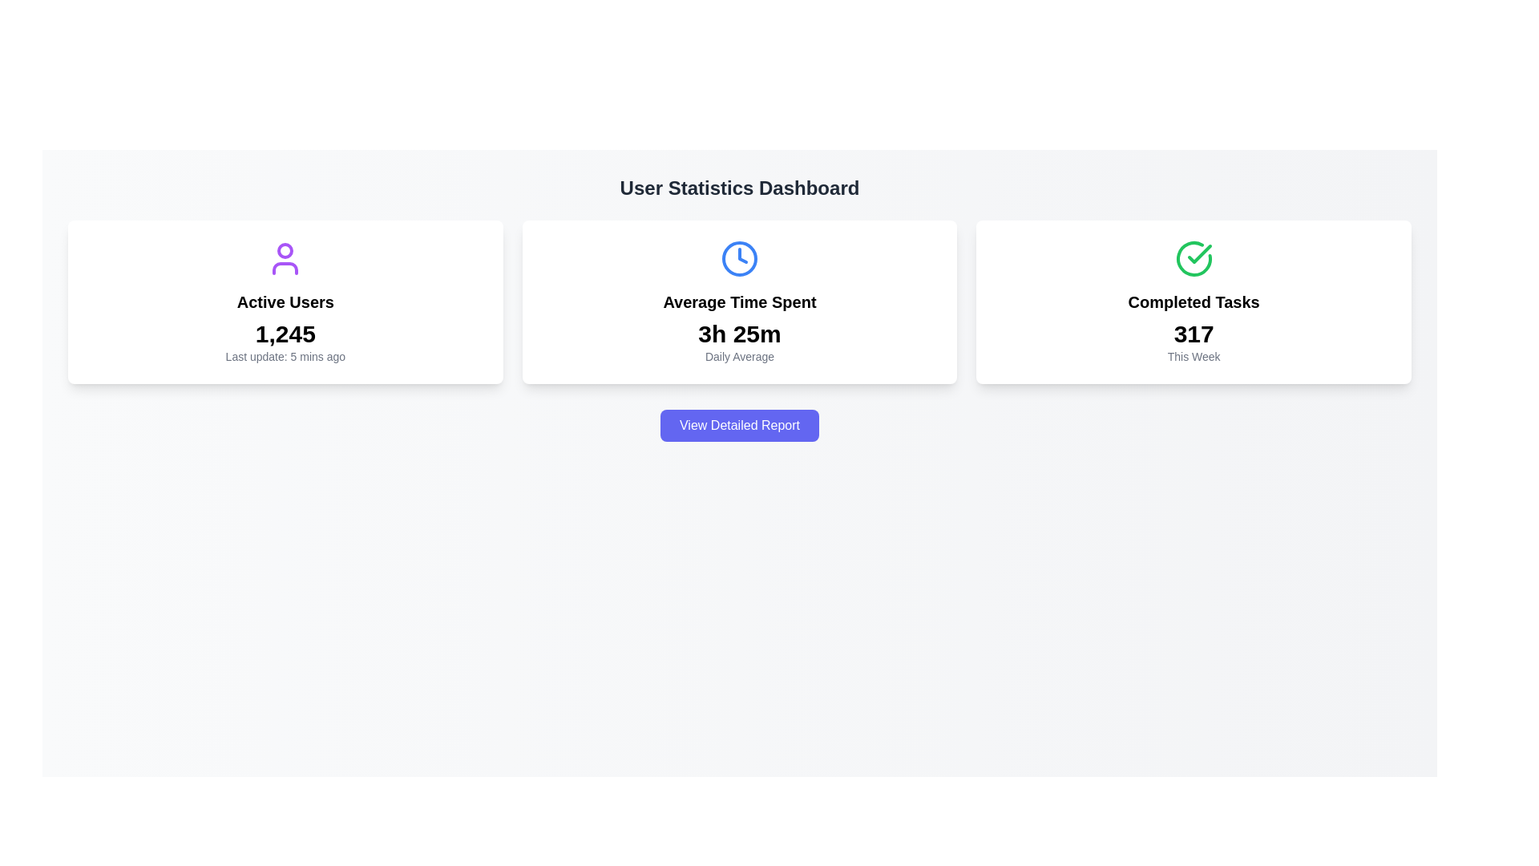 This screenshot has width=1539, height=866. Describe the element at coordinates (738, 258) in the screenshot. I see `the clock icon in the middle card of the User Statistics Dashboard, which has a blue circular outline and a traditional analog clock face with hour and minute hands` at that location.